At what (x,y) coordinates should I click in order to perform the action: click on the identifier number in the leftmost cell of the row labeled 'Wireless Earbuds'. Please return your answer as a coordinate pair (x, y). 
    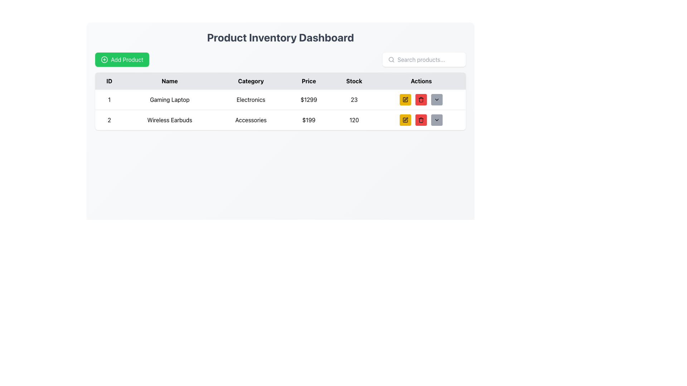
    Looking at the image, I should click on (109, 119).